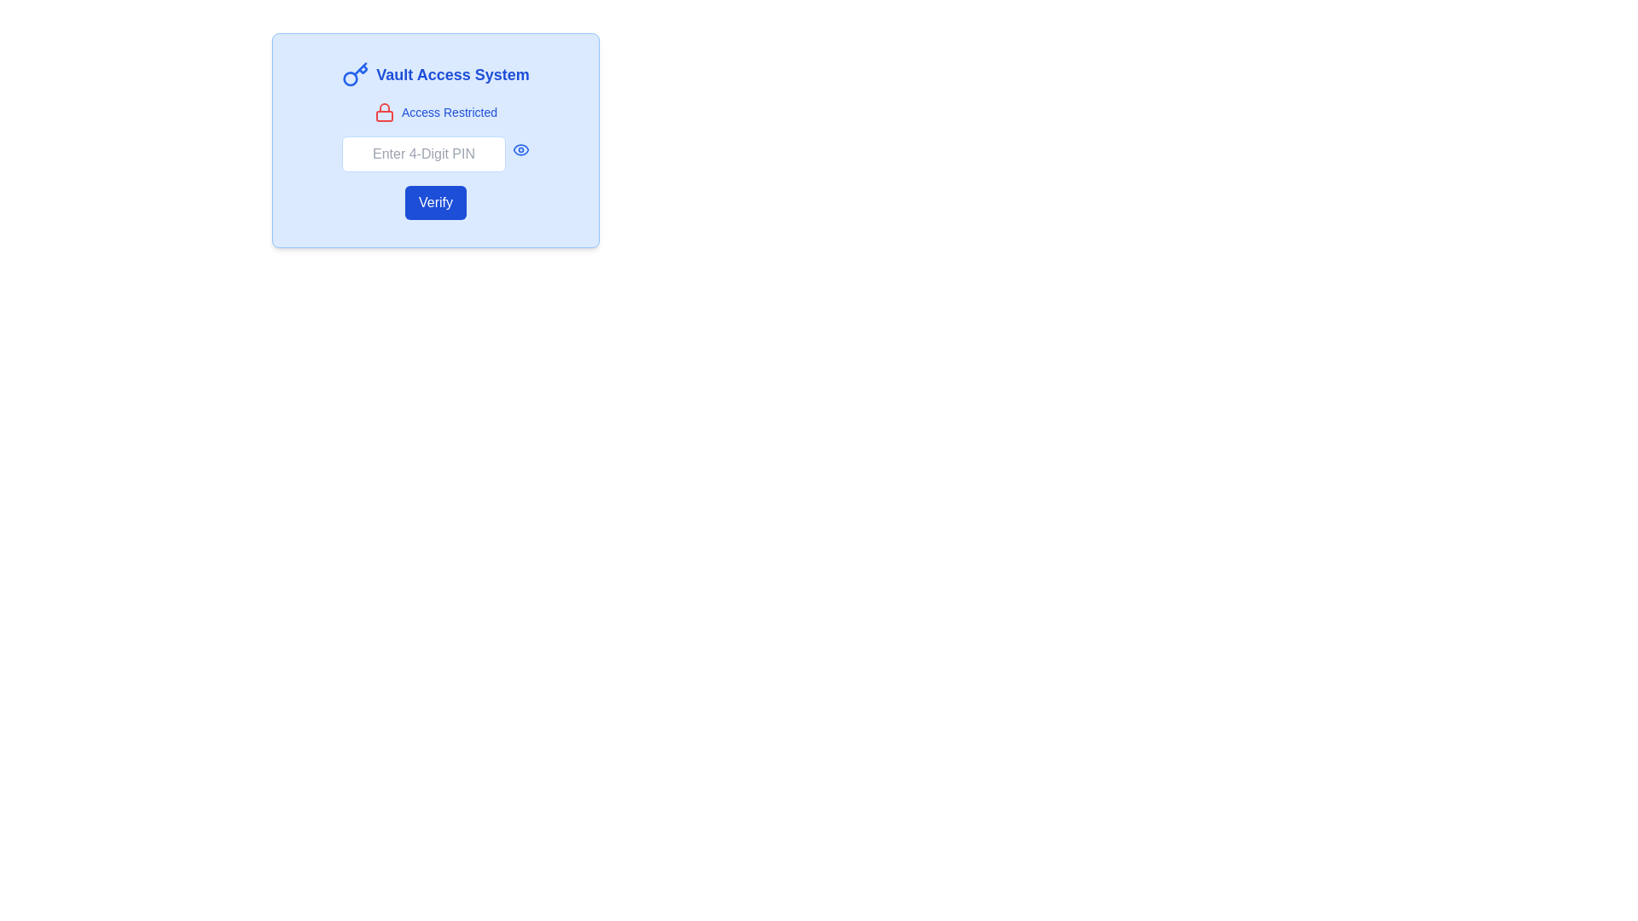 The image size is (1638, 921). What do you see at coordinates (435, 112) in the screenshot?
I see `the 'Access Restricted' label with the red lock icon, which is centrally aligned below the title 'Vault Access System' and above the 'Enter 4-Digit PIN' input field` at bounding box center [435, 112].